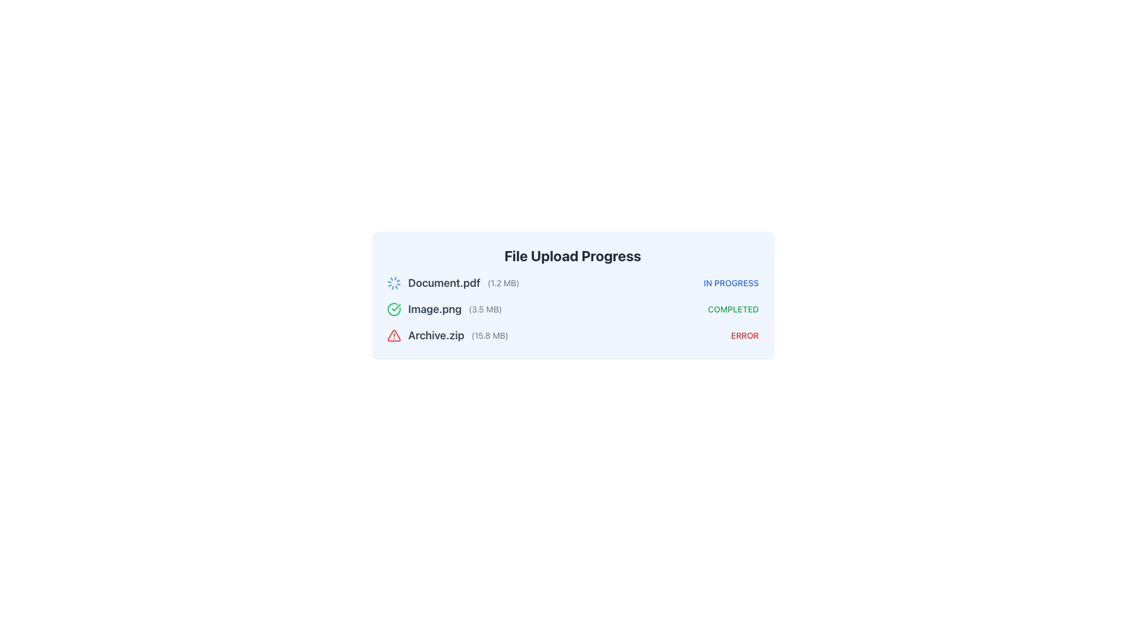 Image resolution: width=1145 pixels, height=644 pixels. I want to click on the 'ERROR' text display, which is a bold red font indicating an urgent attention needed, located at the bottom right of the file upload status list, so click(744, 336).